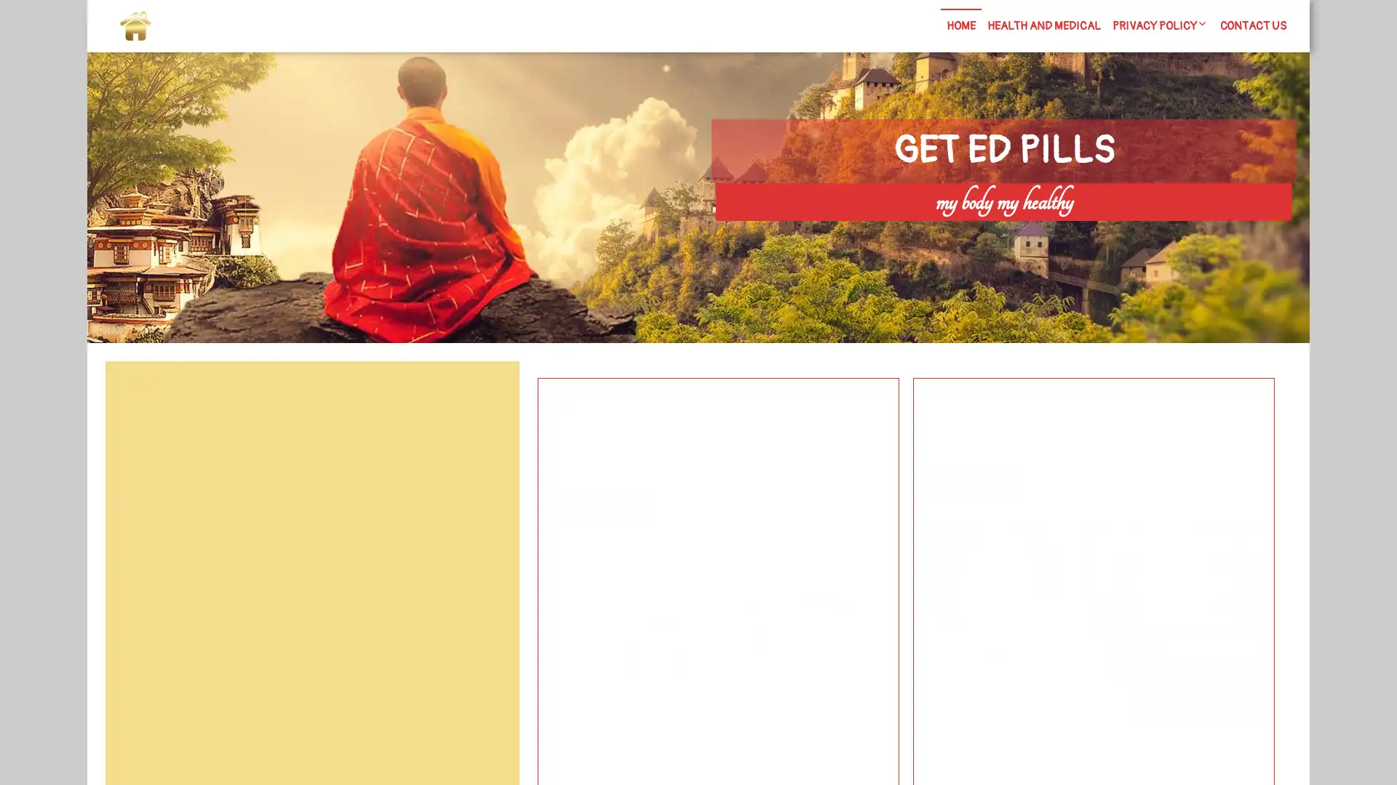 The width and height of the screenshot is (1397, 785). What do you see at coordinates (485, 396) in the screenshot?
I see `Search` at bounding box center [485, 396].